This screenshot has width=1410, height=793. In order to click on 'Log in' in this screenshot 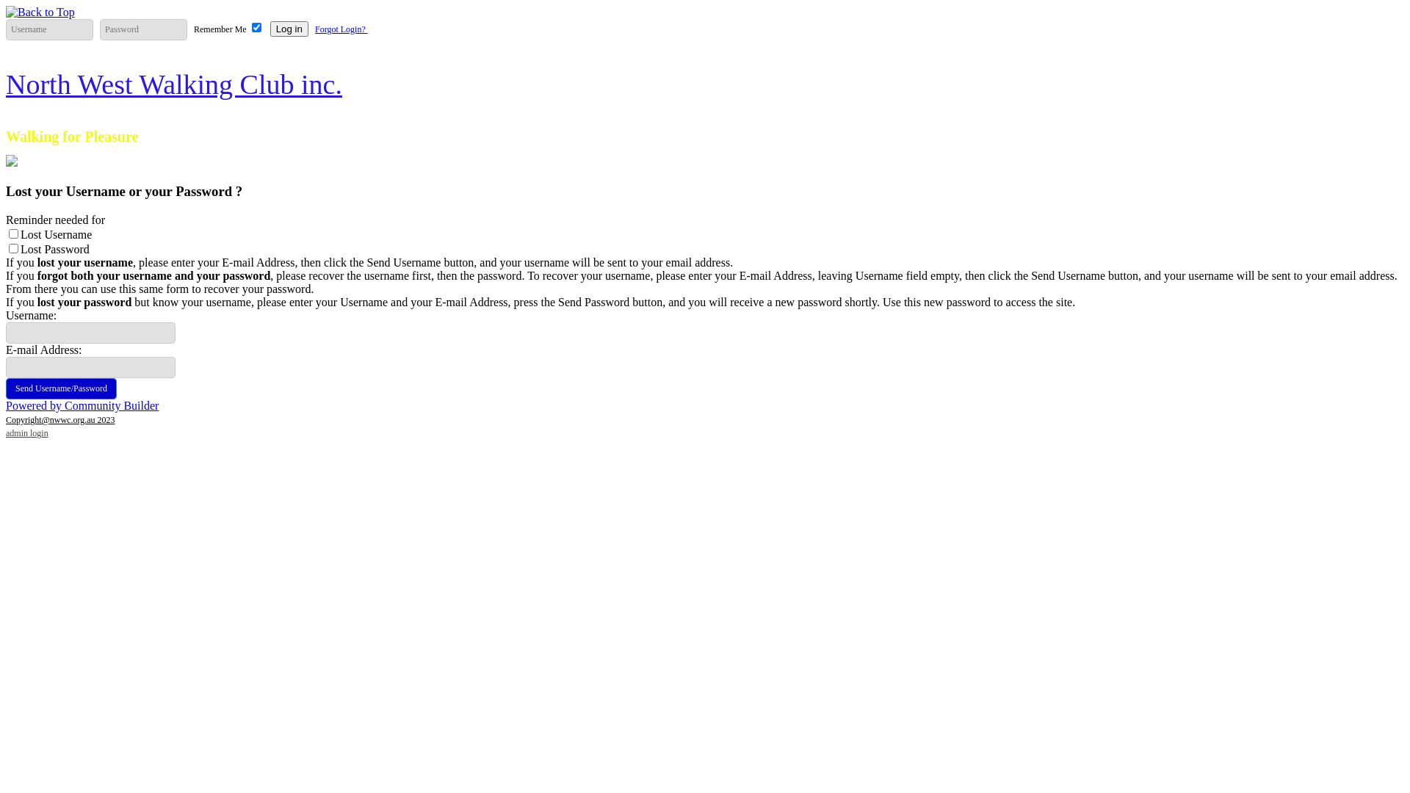, I will do `click(289, 29)`.